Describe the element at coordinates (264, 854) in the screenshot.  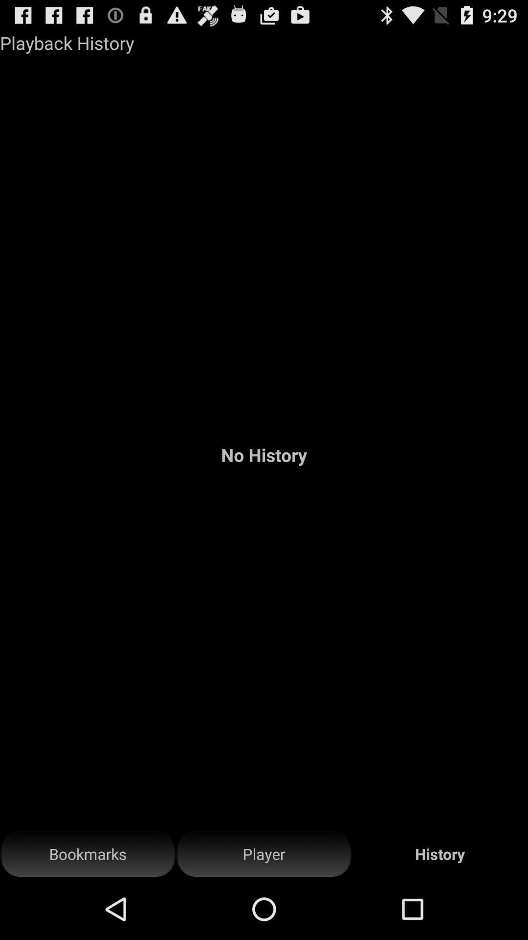
I see `the player icon` at that location.